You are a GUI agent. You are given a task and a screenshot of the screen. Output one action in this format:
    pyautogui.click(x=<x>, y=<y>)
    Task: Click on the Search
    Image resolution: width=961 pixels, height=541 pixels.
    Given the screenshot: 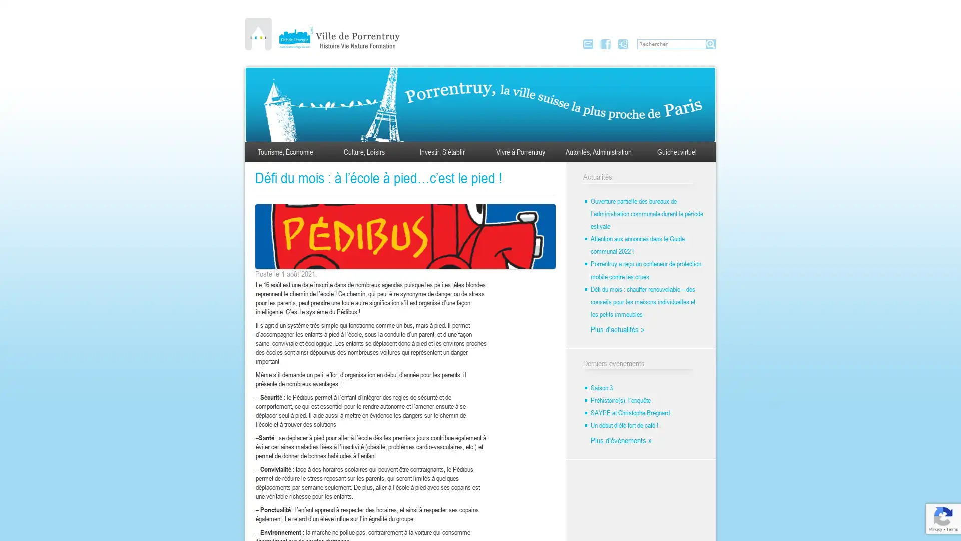 What is the action you would take?
    pyautogui.click(x=710, y=44)
    